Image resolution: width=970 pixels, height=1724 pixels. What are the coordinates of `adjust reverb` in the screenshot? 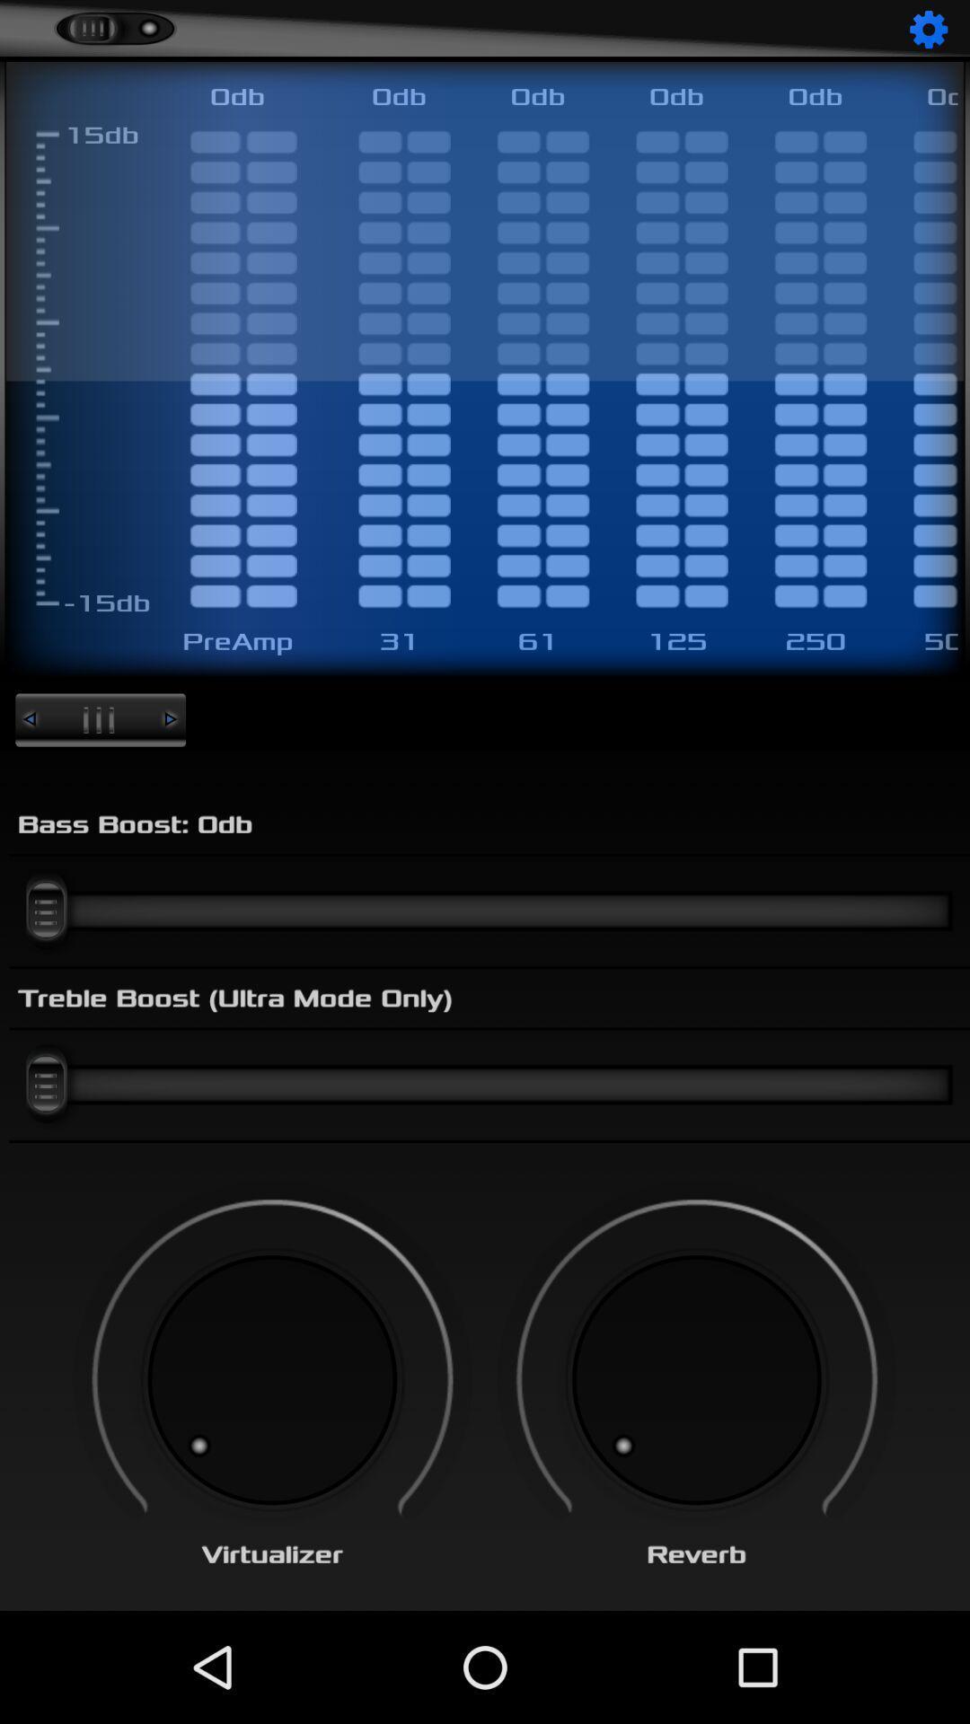 It's located at (695, 1379).